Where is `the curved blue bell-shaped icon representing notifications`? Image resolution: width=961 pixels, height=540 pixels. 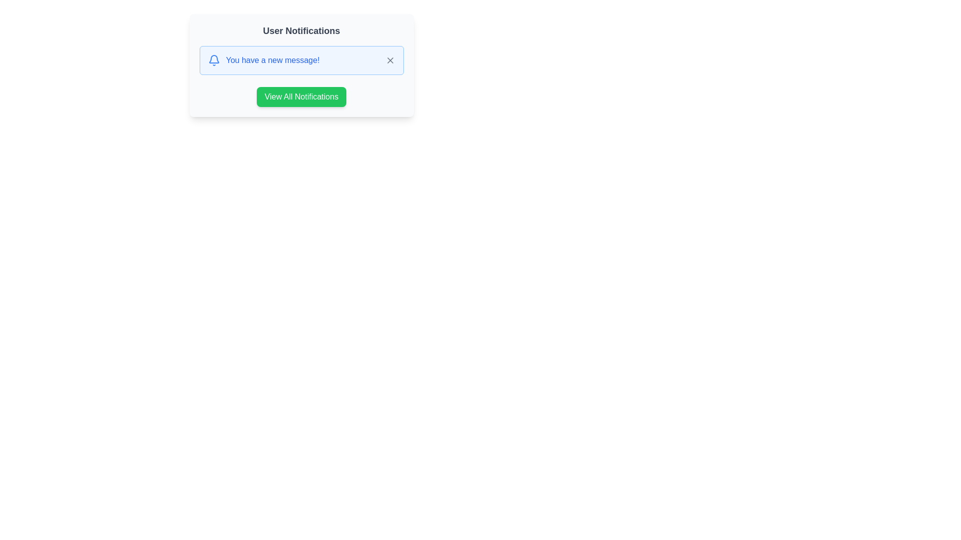
the curved blue bell-shaped icon representing notifications is located at coordinates (213, 59).